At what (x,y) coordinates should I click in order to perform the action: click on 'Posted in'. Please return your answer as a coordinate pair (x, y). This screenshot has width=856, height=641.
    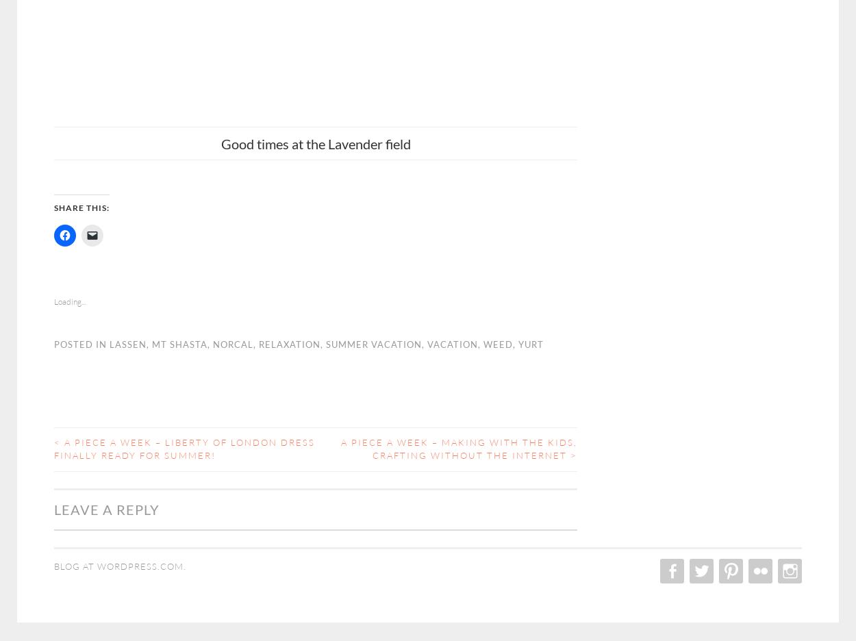
    Looking at the image, I should click on (81, 342).